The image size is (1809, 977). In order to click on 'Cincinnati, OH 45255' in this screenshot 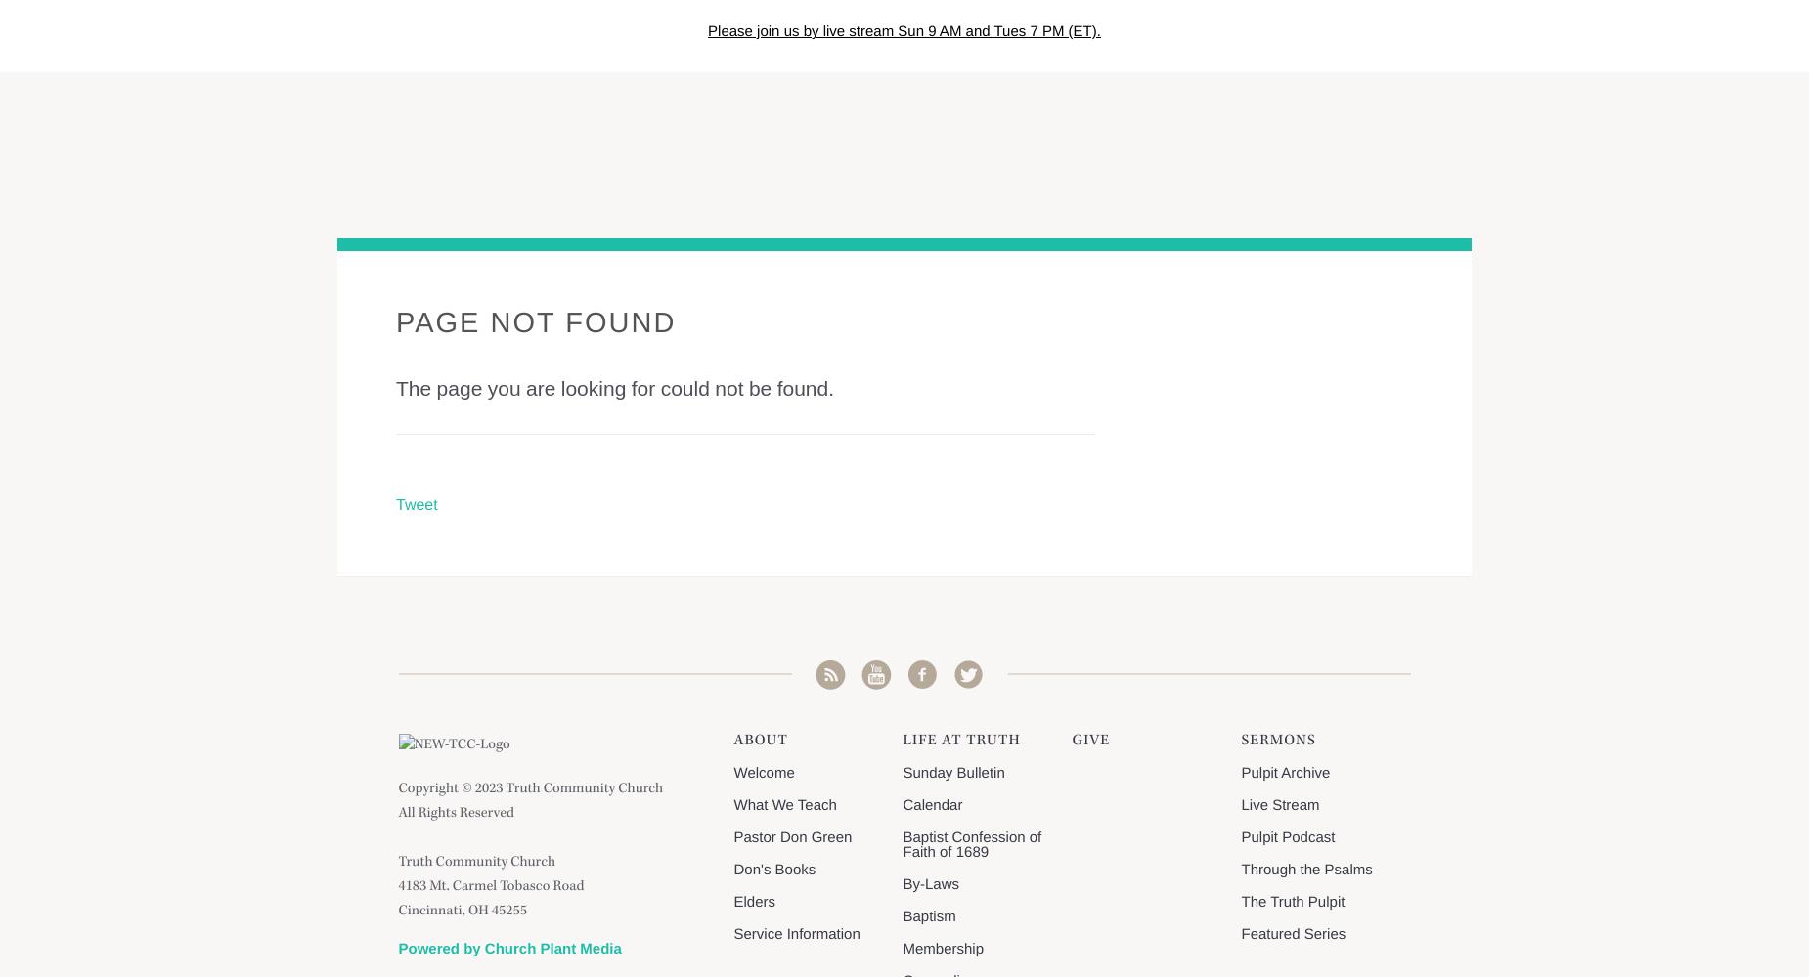, I will do `click(462, 912)`.